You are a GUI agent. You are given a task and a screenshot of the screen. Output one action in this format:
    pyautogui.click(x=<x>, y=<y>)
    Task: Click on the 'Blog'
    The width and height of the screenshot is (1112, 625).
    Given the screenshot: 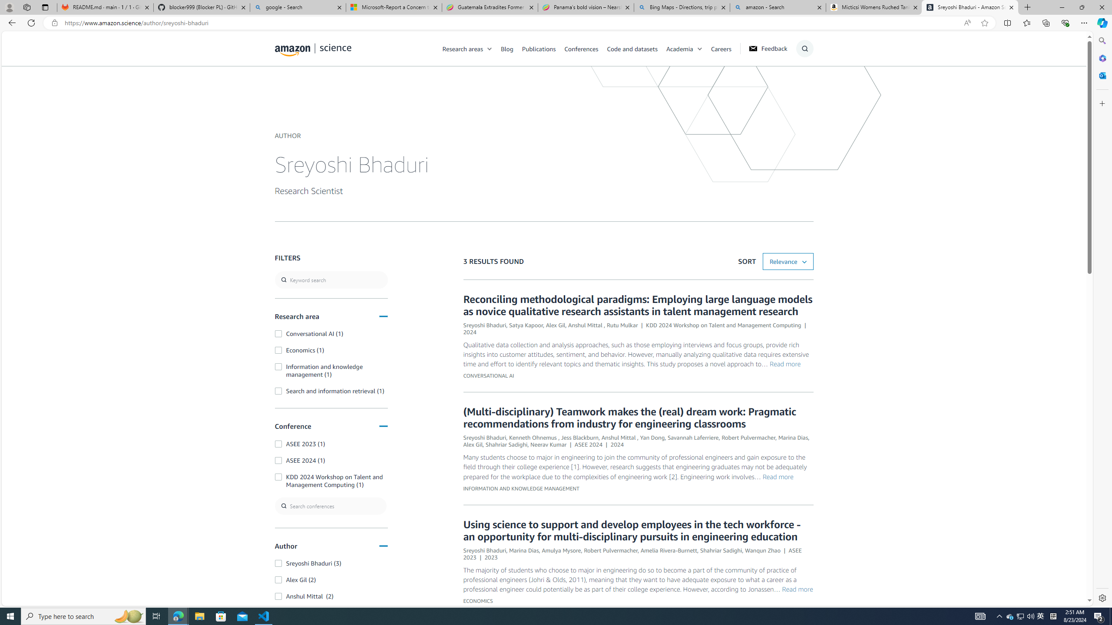 What is the action you would take?
    pyautogui.click(x=506, y=48)
    